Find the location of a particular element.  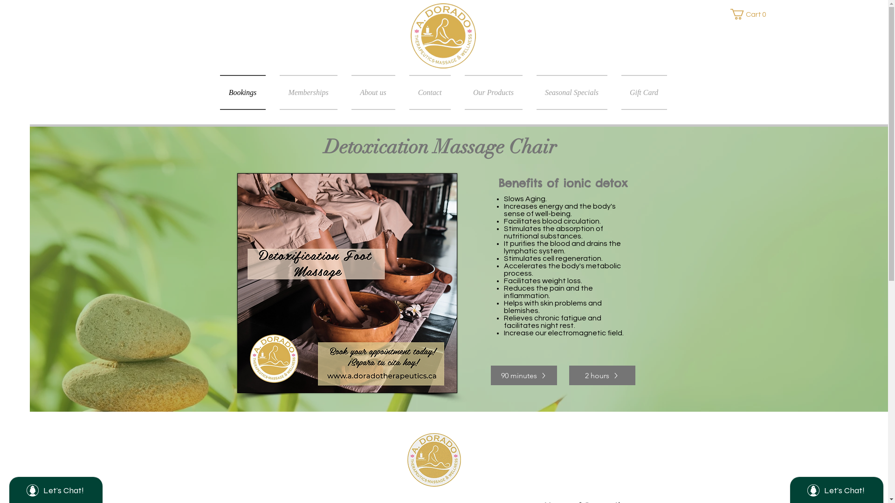

'2 hours' is located at coordinates (602, 375).